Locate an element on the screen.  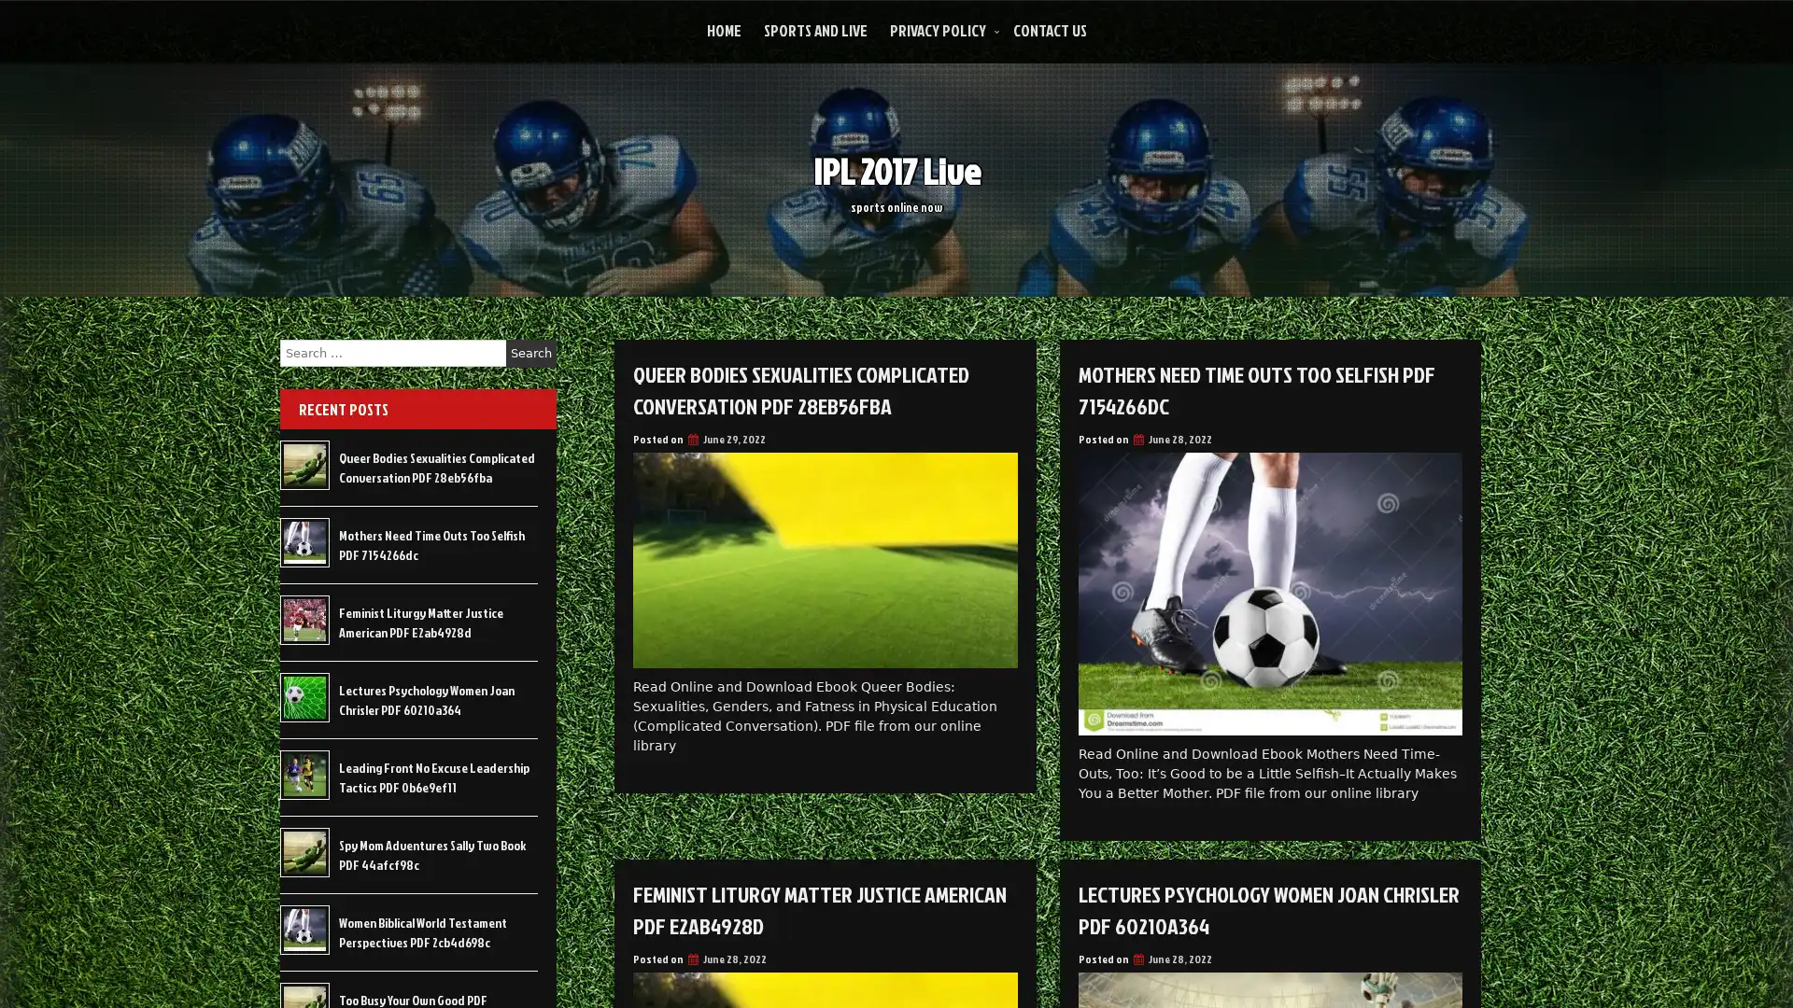
Search is located at coordinates (530, 353).